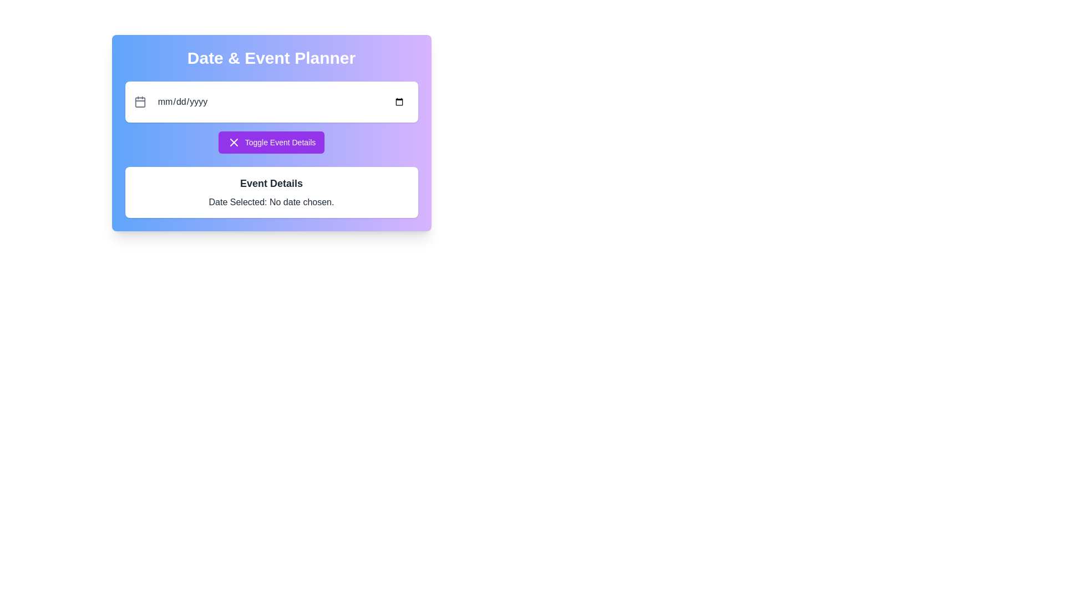  I want to click on the rectangular shape with rounded corners inside the leftmost icon of the 'Date & Event Planner' interface calendar, so click(139, 102).